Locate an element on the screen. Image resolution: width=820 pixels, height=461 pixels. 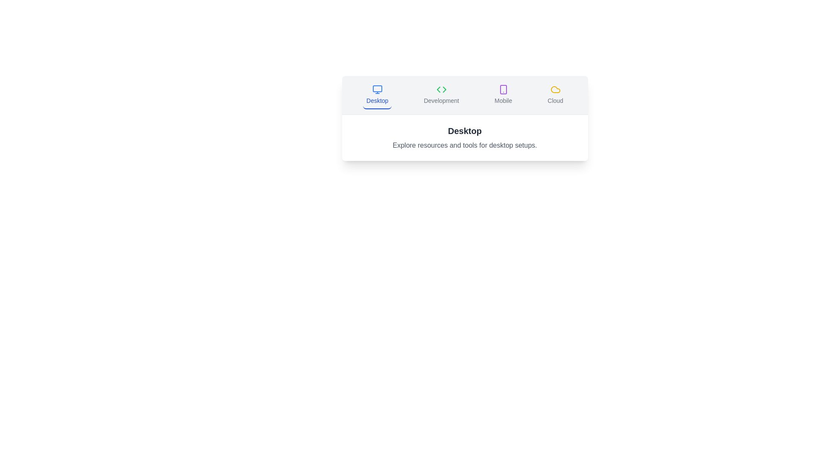
the tab button labeled Development to switch to the corresponding tab is located at coordinates (441, 95).